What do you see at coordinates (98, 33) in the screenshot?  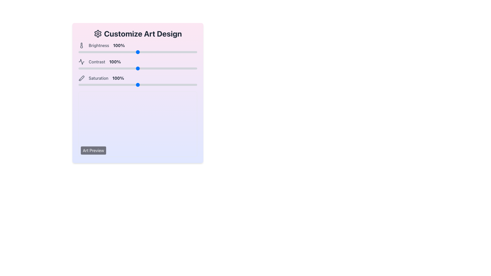 I see `the appearance of the gear-like icon located in the header of the 'Customize Art Design' card, situated to the left of the header text` at bounding box center [98, 33].